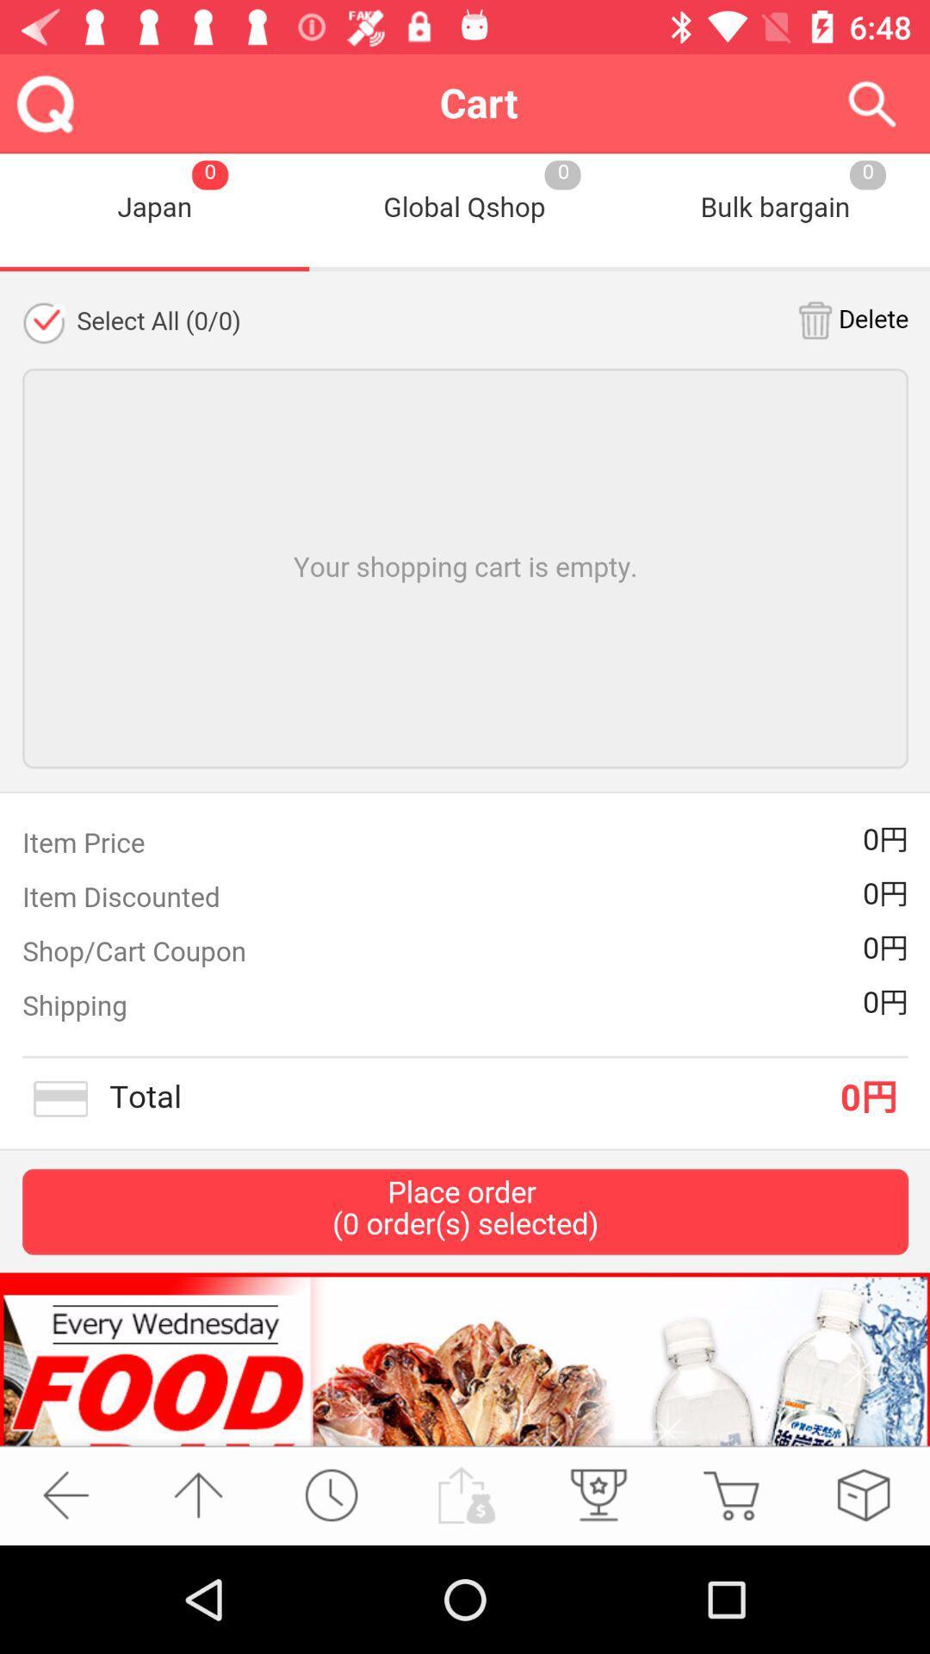 This screenshot has width=930, height=1654. I want to click on shopping cart, so click(465, 799).